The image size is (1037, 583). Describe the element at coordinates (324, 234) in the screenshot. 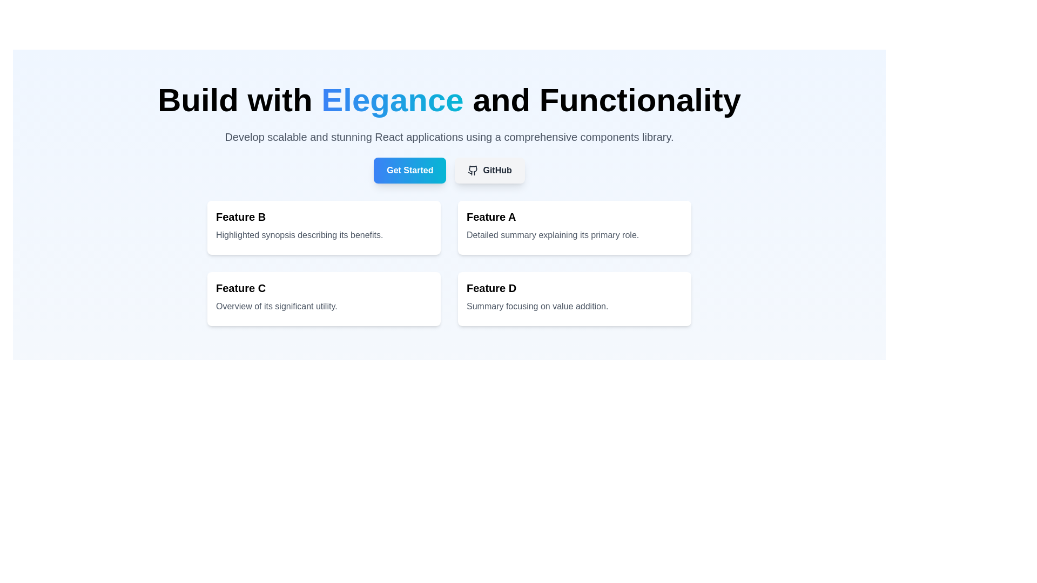

I see `text element that displays 'Highlighted synopsis describing its benefits.' which is located below the 'Feature B' title in the card component` at that location.